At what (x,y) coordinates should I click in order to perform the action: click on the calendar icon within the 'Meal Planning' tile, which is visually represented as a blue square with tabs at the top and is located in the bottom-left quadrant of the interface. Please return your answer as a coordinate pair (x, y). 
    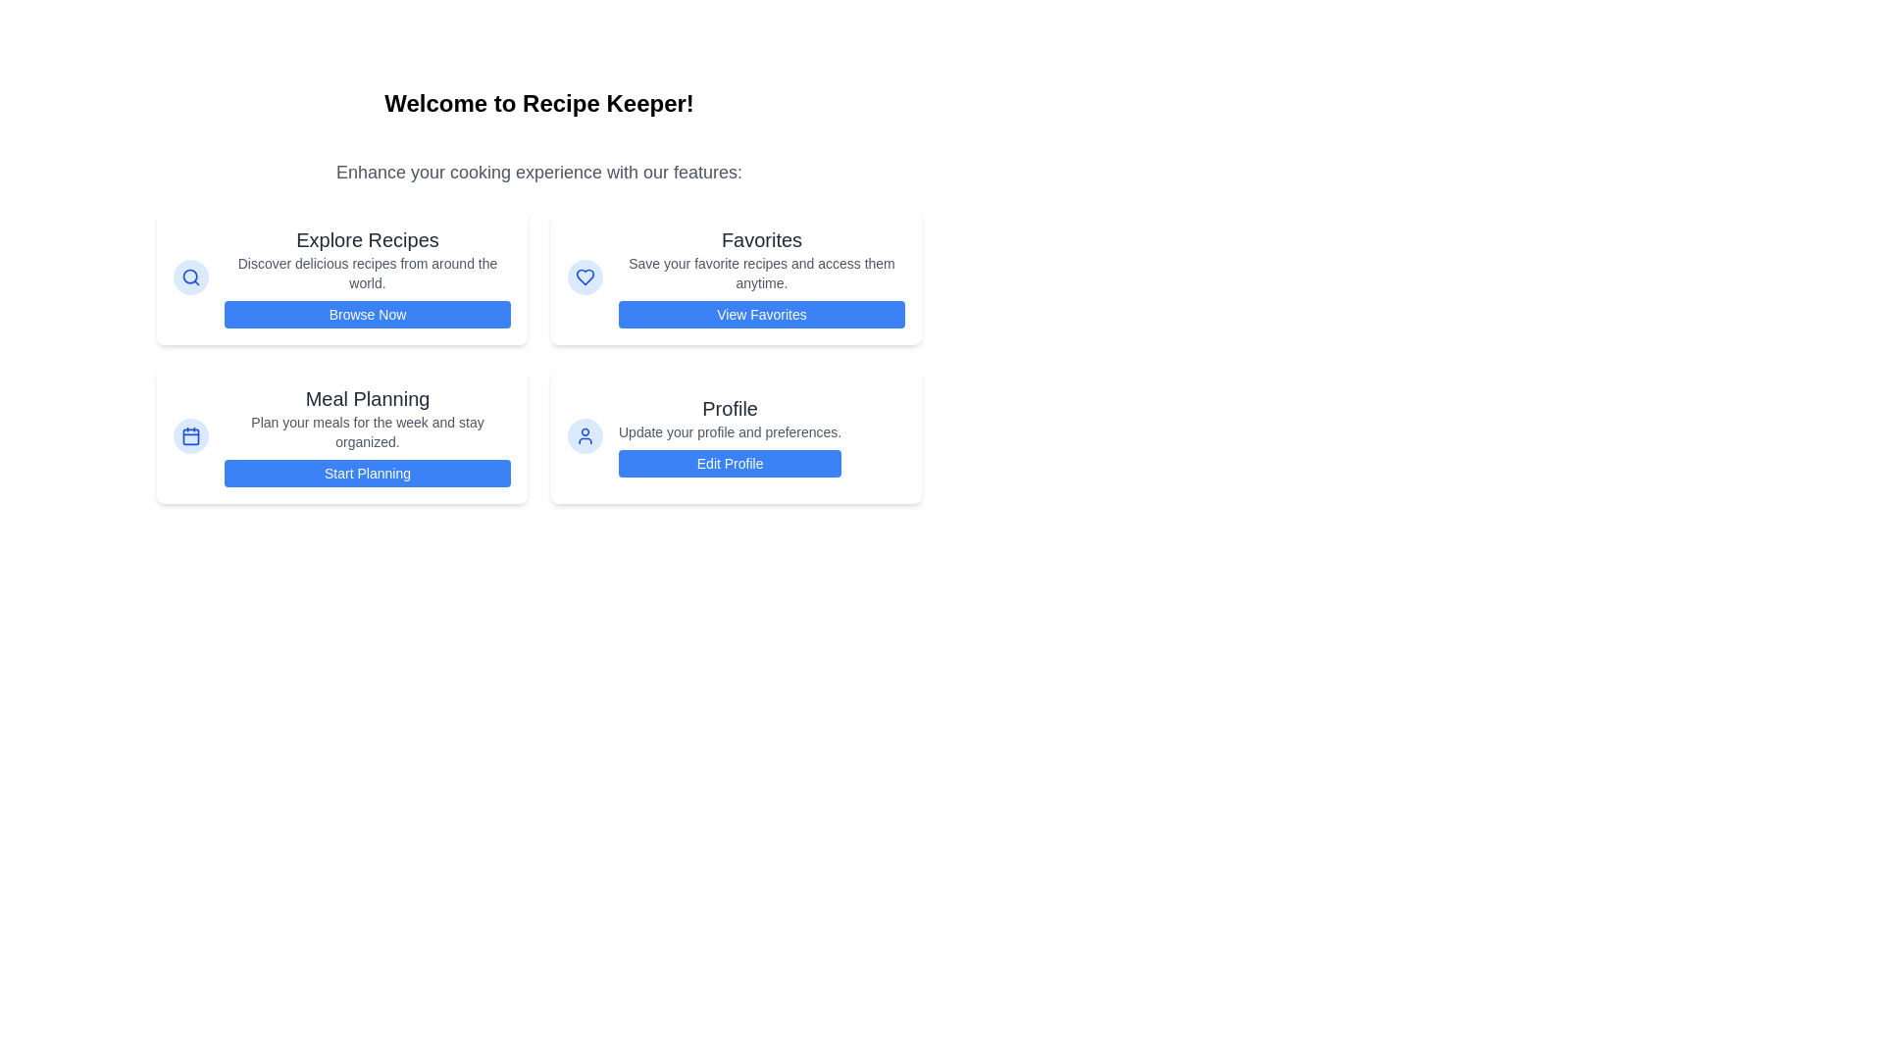
    Looking at the image, I should click on (191, 434).